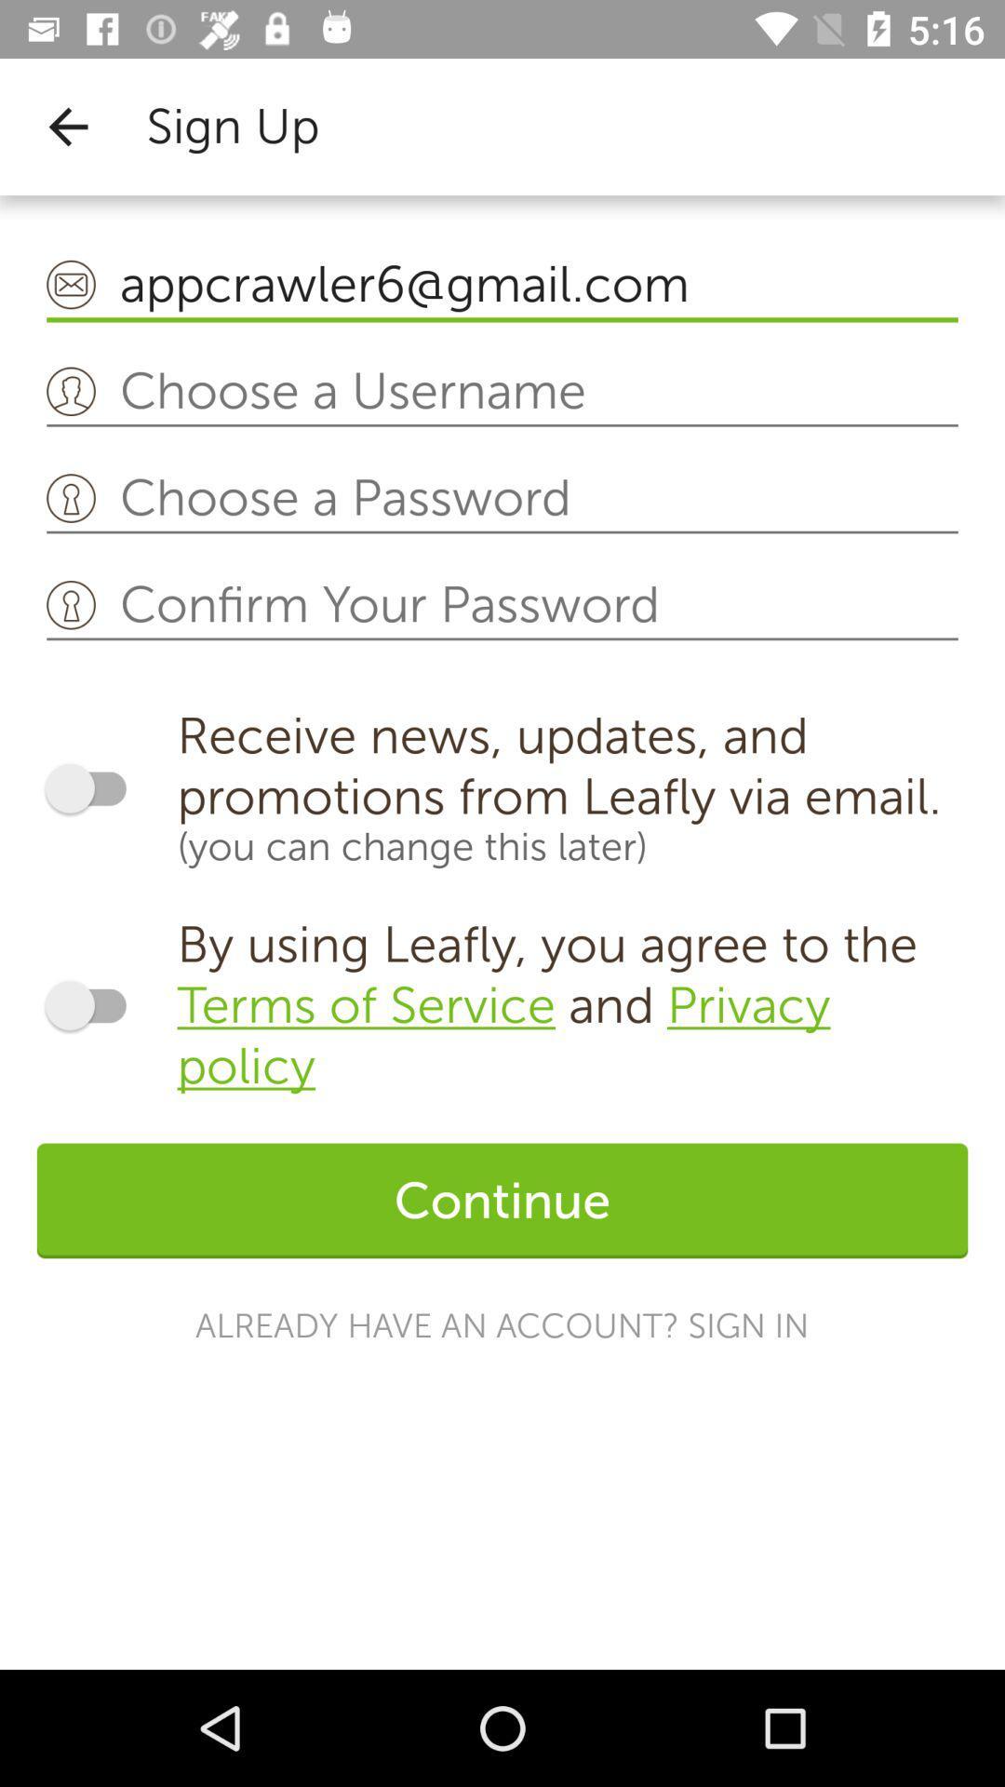 This screenshot has width=1005, height=1787. What do you see at coordinates (94, 1004) in the screenshot?
I see `agree to terms of service and privacy policy` at bounding box center [94, 1004].